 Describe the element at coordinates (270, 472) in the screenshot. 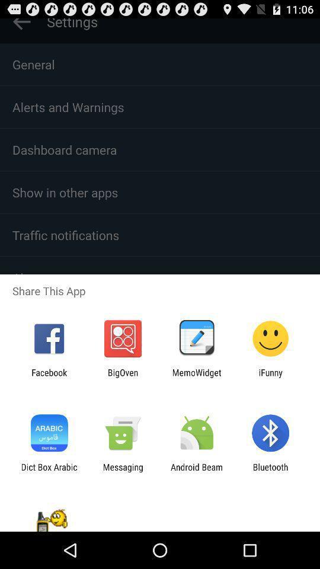

I see `the icon to the right of android beam app` at that location.